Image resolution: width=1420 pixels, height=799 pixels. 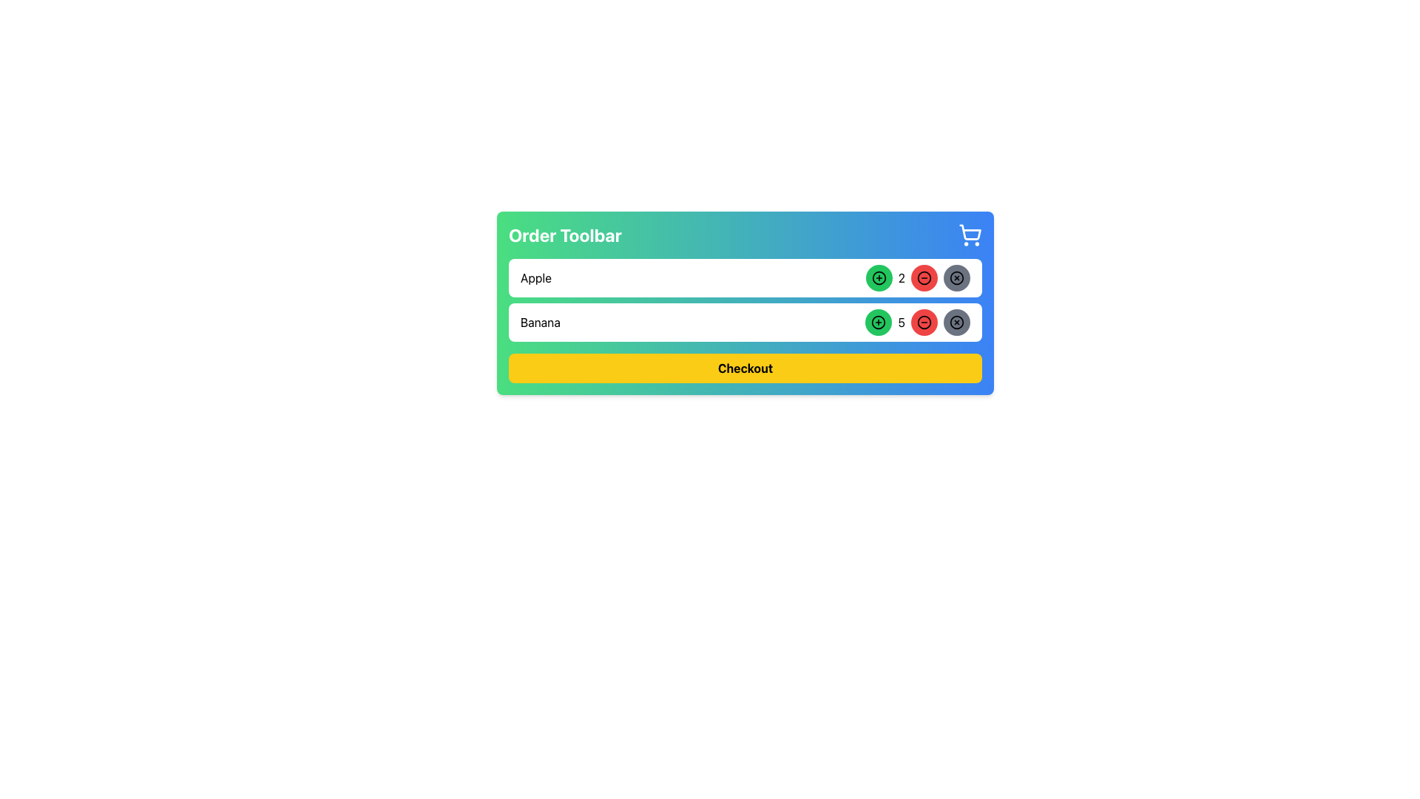 What do you see at coordinates (957, 277) in the screenshot?
I see `the deletion Icon Button located on the far right side of the row associated with the item labeled 'Apple'` at bounding box center [957, 277].